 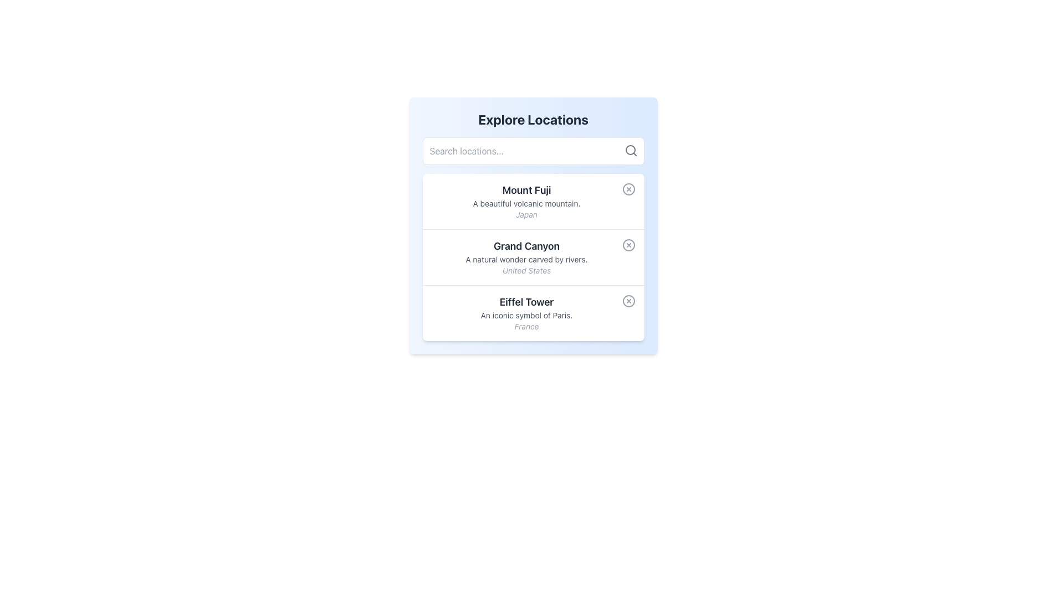 I want to click on the first list item in the 'Explore Locations' card that describes 'Mount Fuji', so click(x=526, y=201).